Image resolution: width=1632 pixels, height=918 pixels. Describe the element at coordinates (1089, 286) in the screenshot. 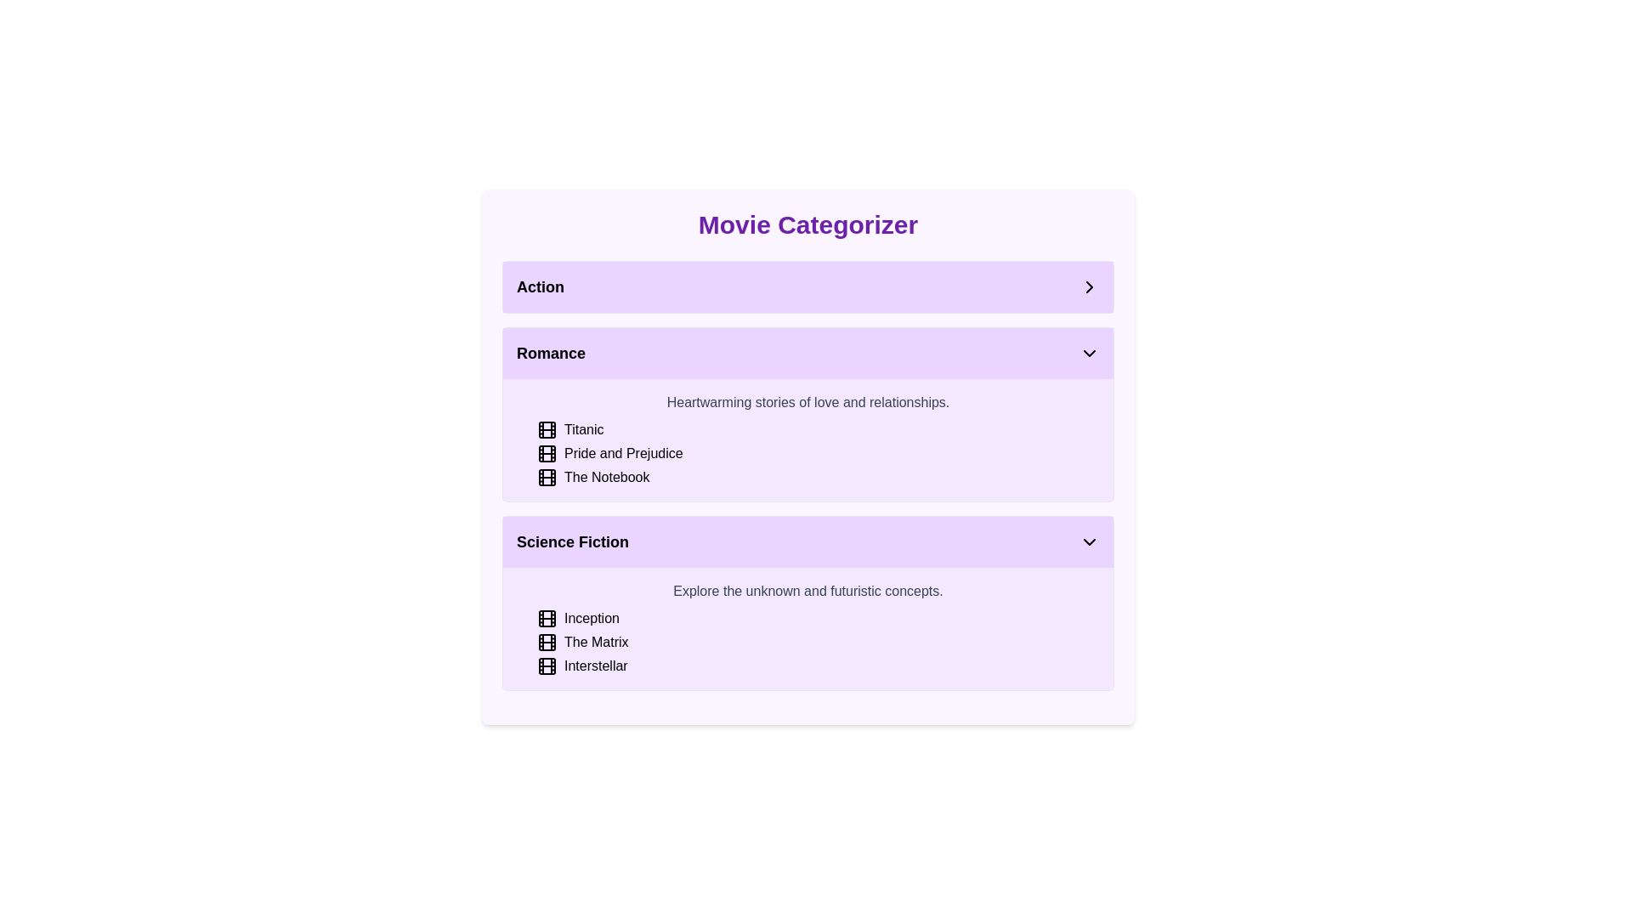

I see `the right-facing chevron indicator icon, which is a triangular arrow pointing right, located in the 'Action' section at the top of the interface, near the label 'Action'` at that location.